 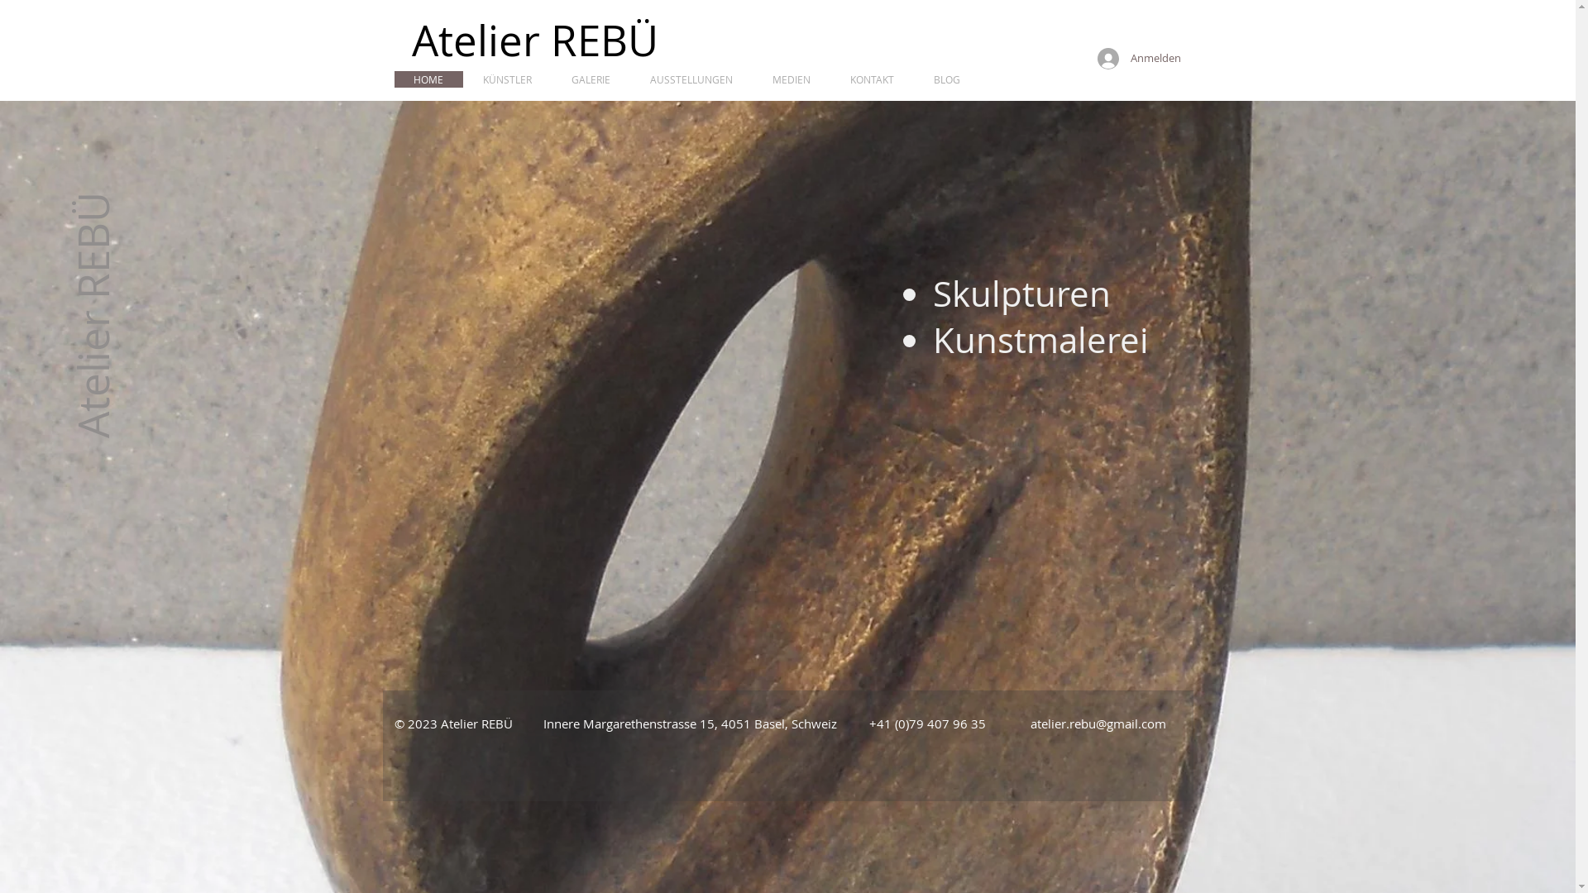 What do you see at coordinates (781, 80) in the screenshot?
I see `'KONTAKT'` at bounding box center [781, 80].